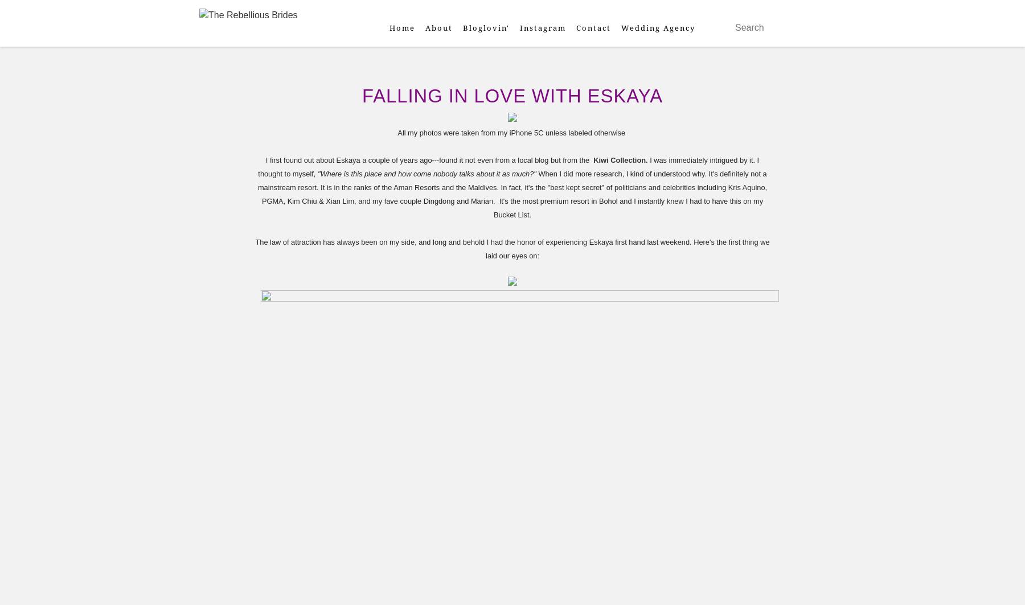  Describe the element at coordinates (256, 194) in the screenshot. I see `'When I did more research, I kind of understood why. It's definitely not a mainstream resort. It is in the ranks of the Aman Resorts and the Maldives. In fact, it's the "best kept secret" of politicians and celebrities including Kris Aquino, PGMA, Kim Chiu & Xian Lim, and my fave couple Dingdong and Marian.  It's the most premium resort in Bohol and I instantly knew I had to have this on my Bucket List.'` at that location.